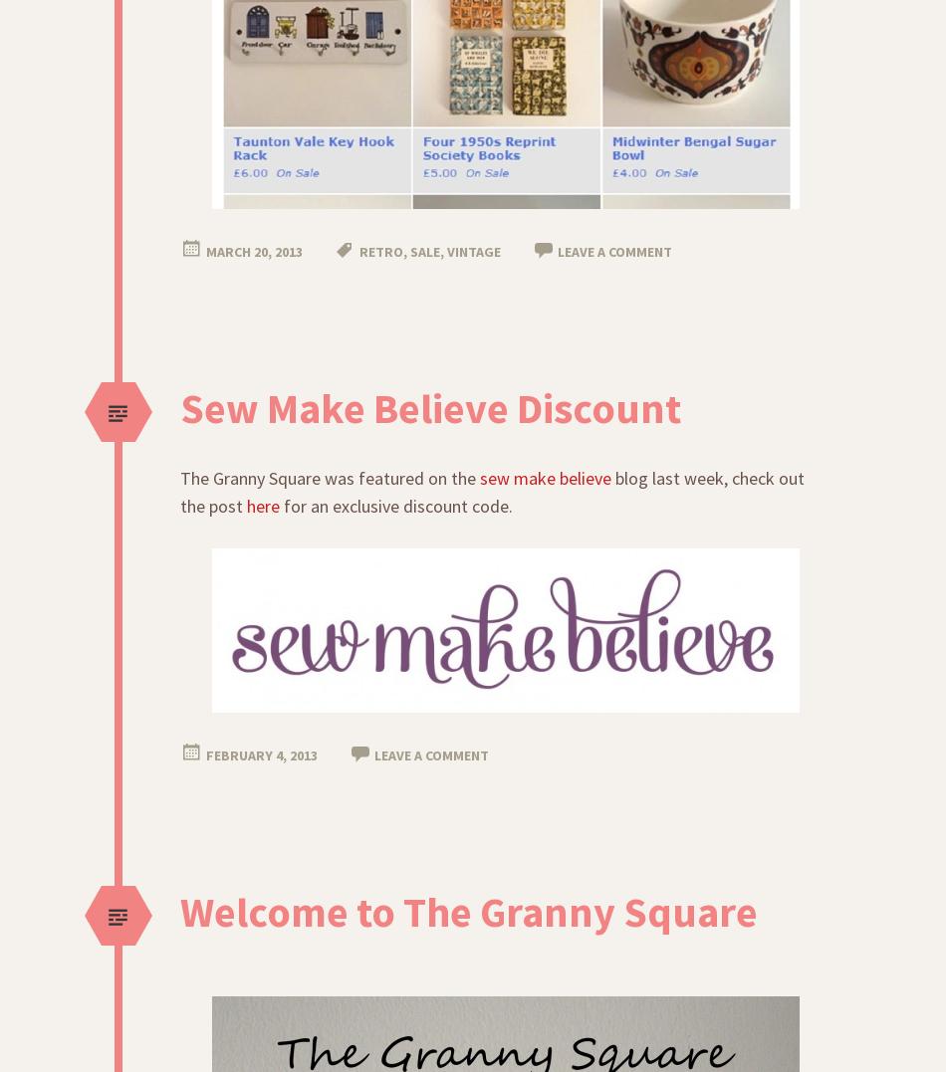 This screenshot has height=1072, width=946. Describe the element at coordinates (545, 478) in the screenshot. I see `'sew make believe'` at that location.